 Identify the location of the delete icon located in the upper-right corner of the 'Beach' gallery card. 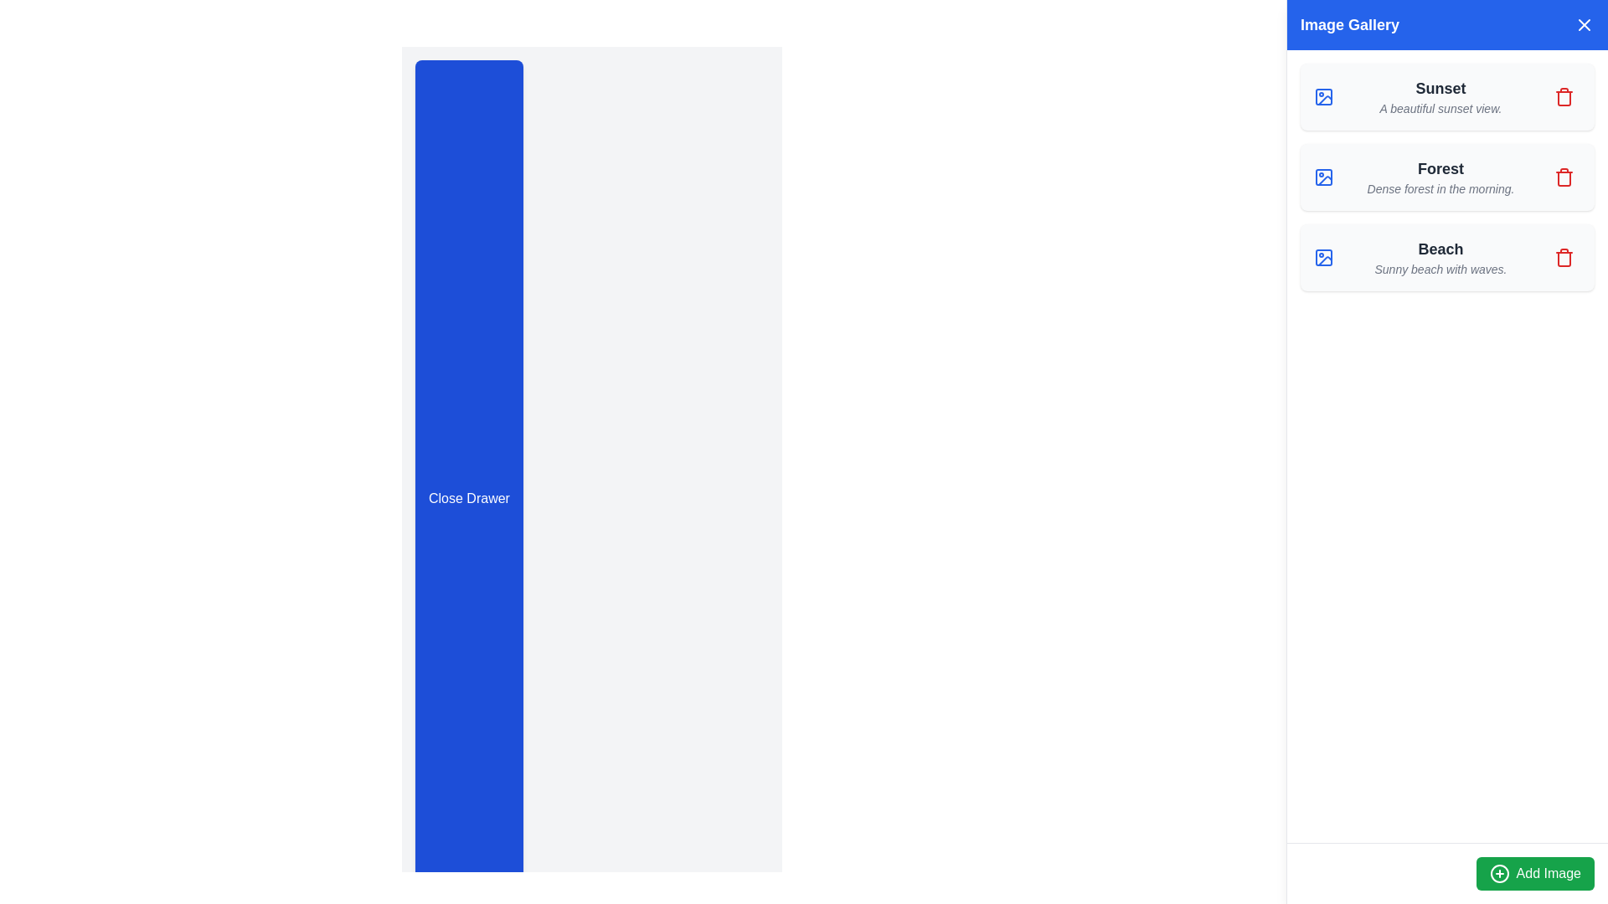
(1563, 258).